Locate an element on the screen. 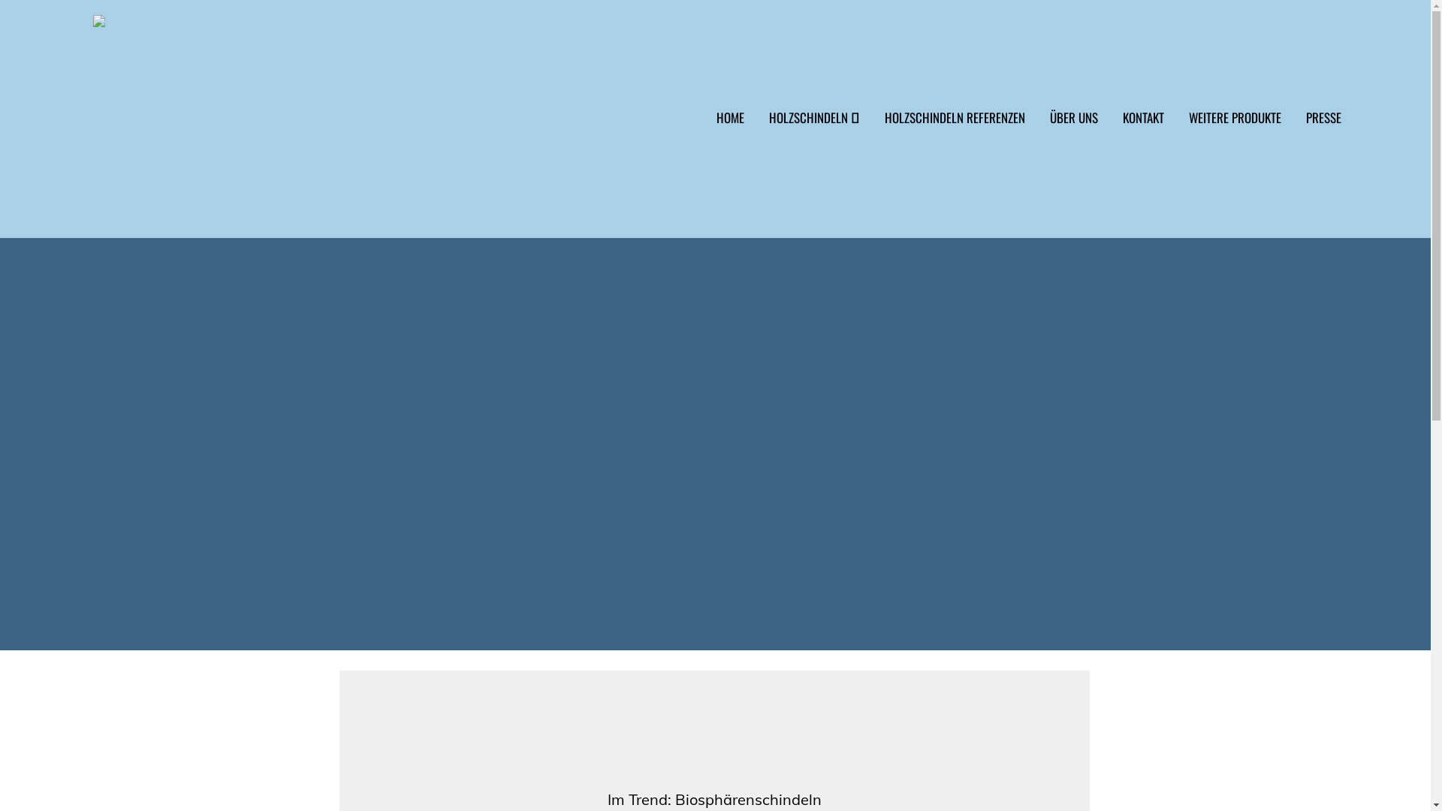 The image size is (1442, 811). 'KONTAKT' is located at coordinates (1136, 126).